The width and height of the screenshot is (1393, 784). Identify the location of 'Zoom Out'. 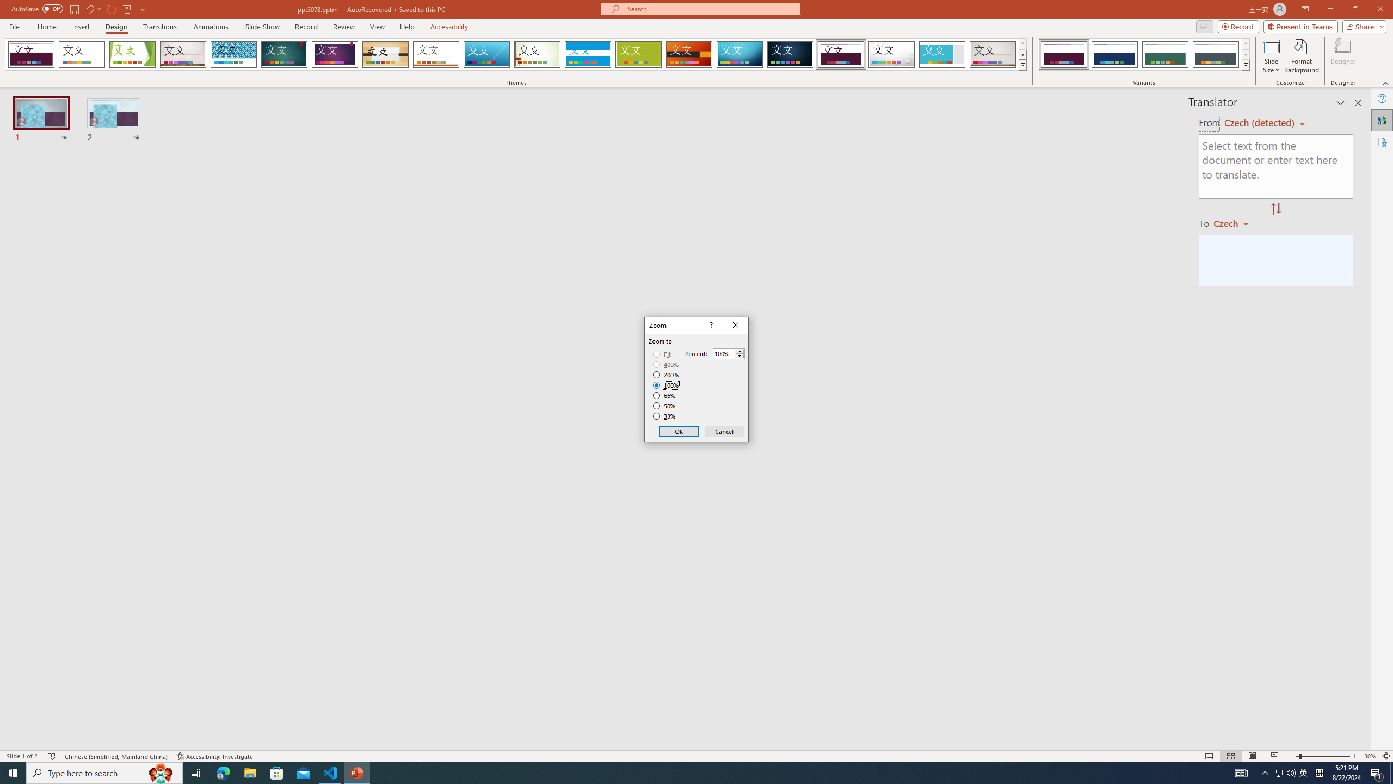
(1296, 756).